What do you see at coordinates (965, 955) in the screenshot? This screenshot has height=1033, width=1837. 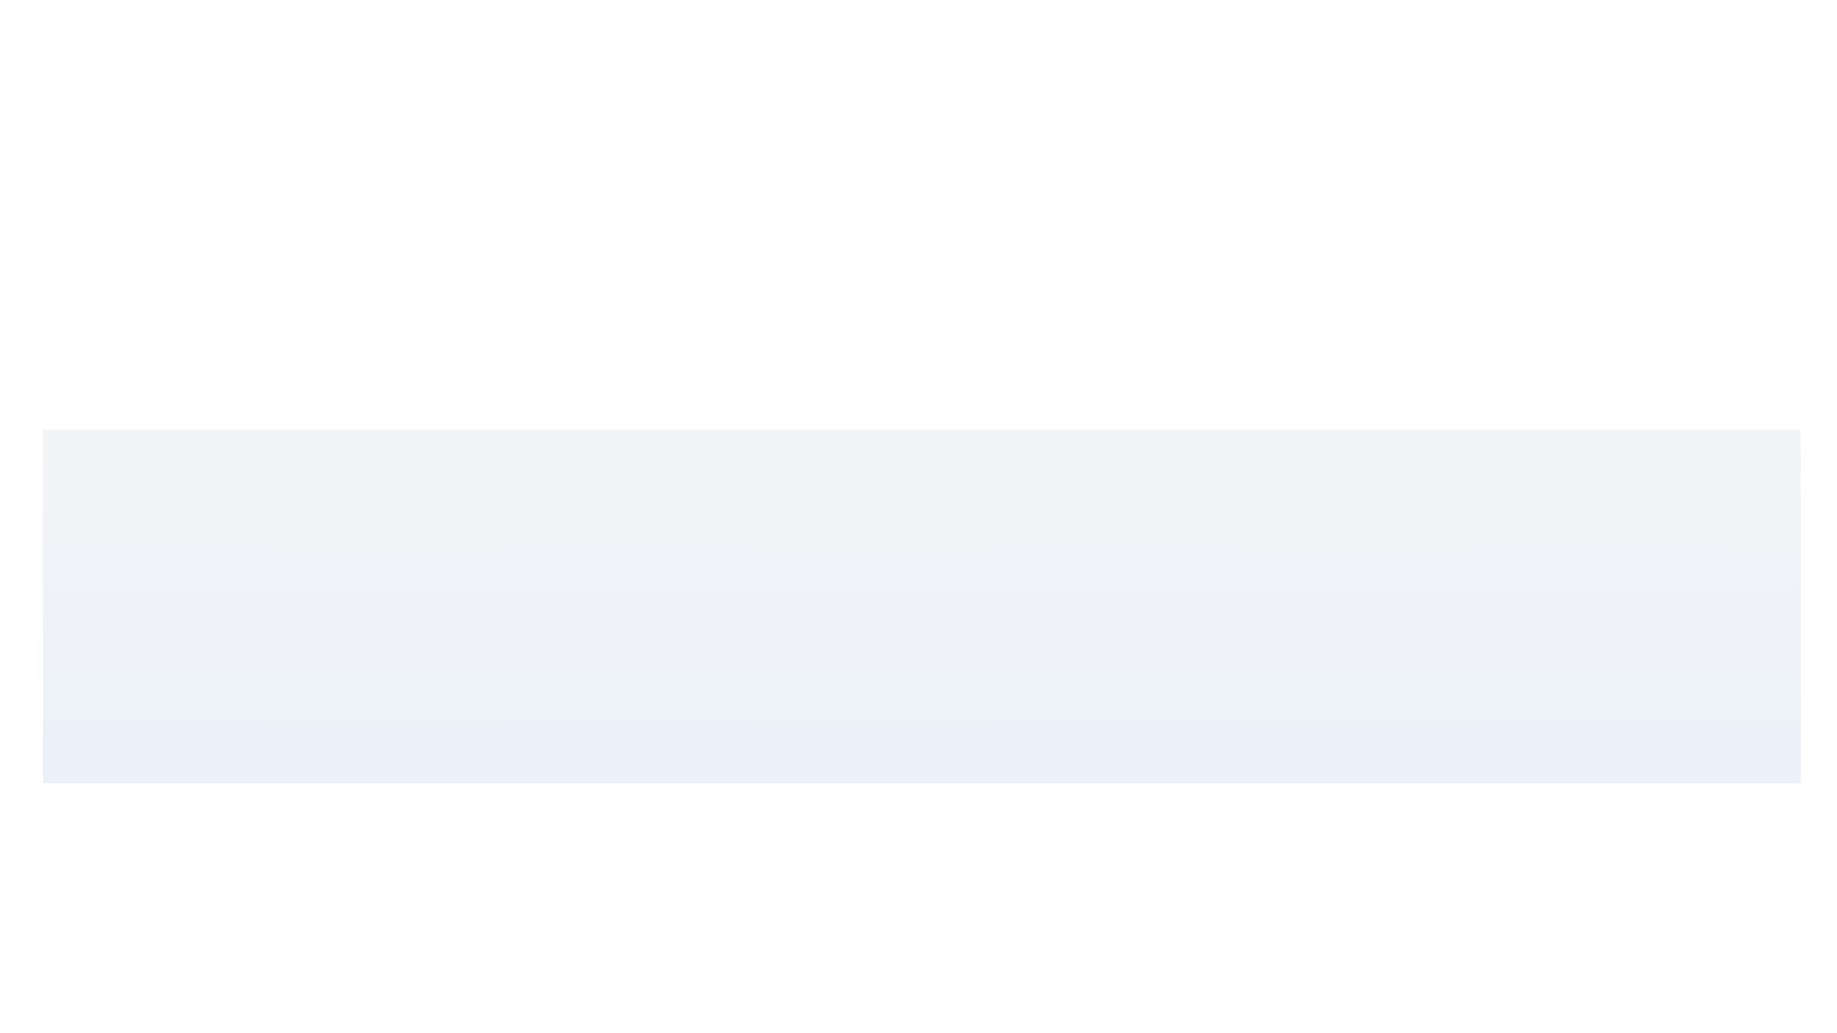 I see `the slider to set the value to 35` at bounding box center [965, 955].